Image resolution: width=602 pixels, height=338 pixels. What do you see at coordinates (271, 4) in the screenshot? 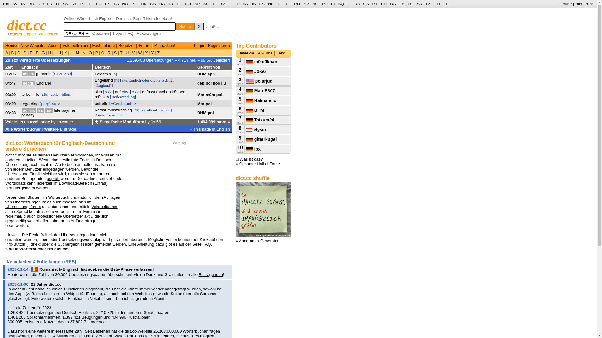
I see `'NL'` at bounding box center [271, 4].